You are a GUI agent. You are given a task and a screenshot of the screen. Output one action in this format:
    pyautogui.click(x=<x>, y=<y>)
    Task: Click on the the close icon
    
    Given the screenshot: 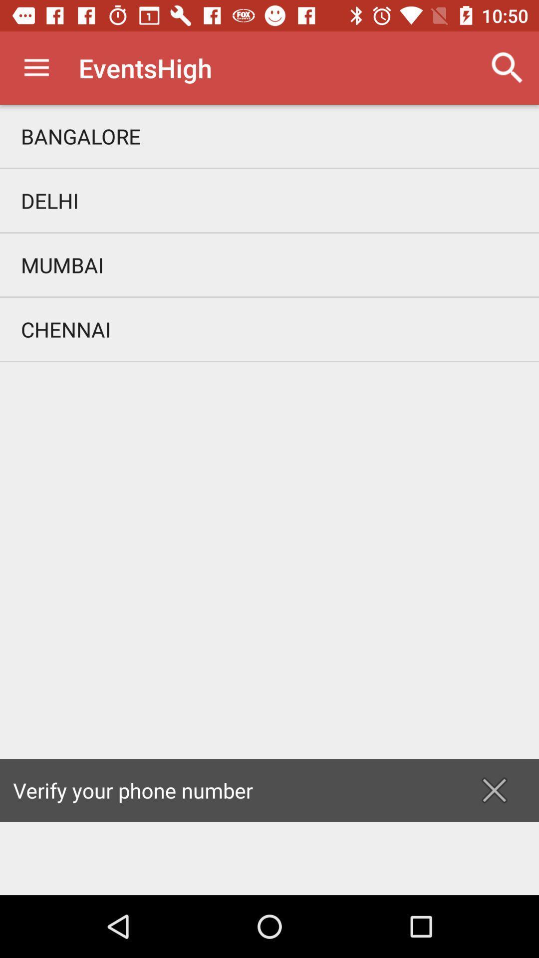 What is the action you would take?
    pyautogui.click(x=494, y=790)
    